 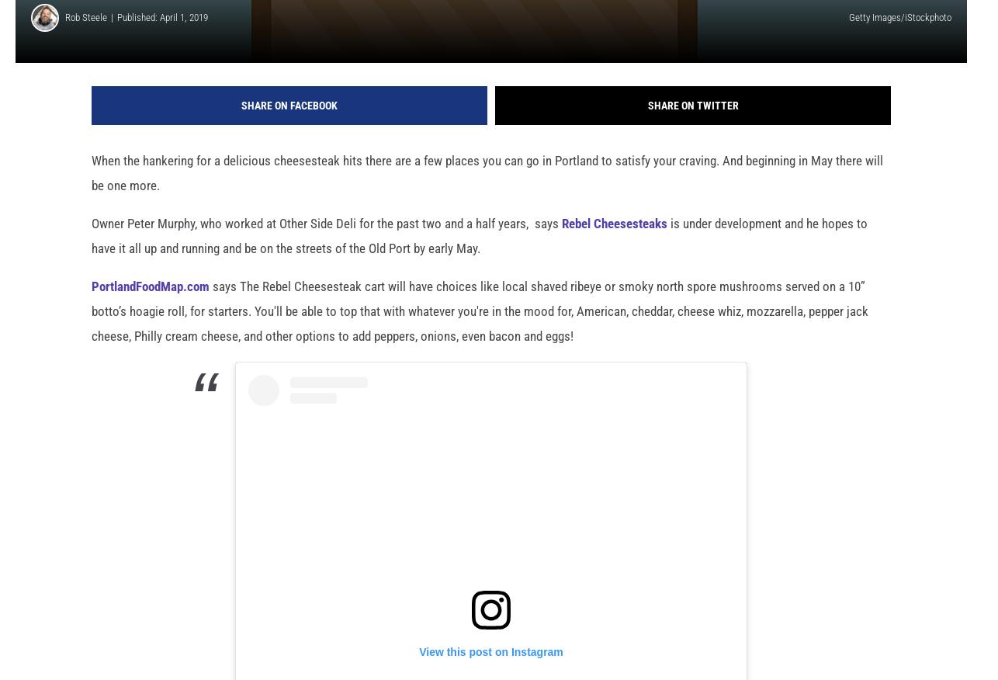 I want to click on 'Rebel Cheesesteaks', so click(x=615, y=248).